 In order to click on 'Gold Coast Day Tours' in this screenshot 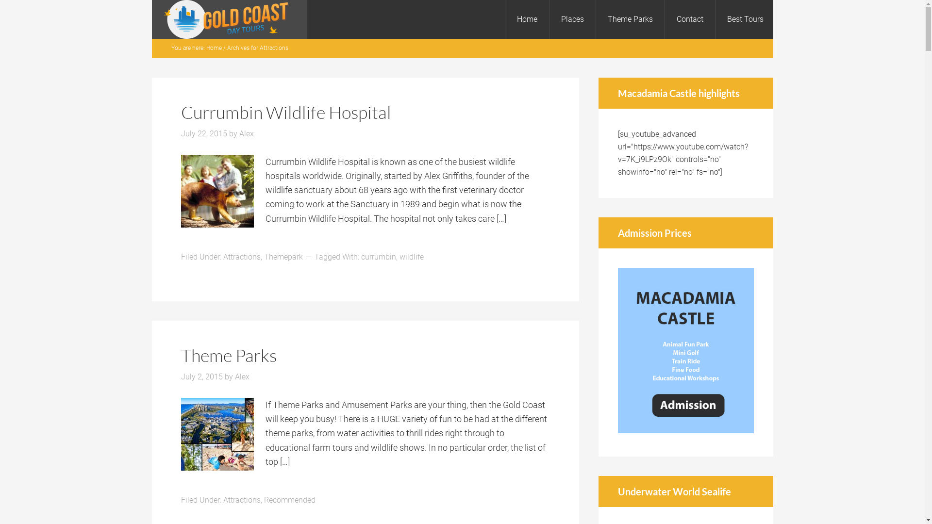, I will do `click(228, 19)`.